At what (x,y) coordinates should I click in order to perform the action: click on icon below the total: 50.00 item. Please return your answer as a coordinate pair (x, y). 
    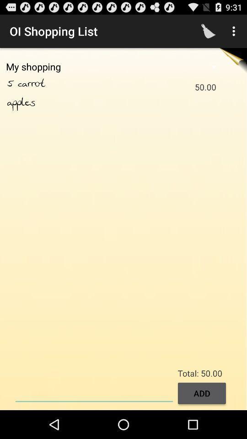
    Looking at the image, I should click on (94, 392).